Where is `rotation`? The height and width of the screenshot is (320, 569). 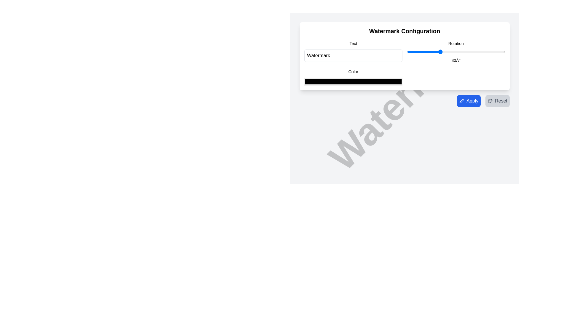
rotation is located at coordinates (430, 51).